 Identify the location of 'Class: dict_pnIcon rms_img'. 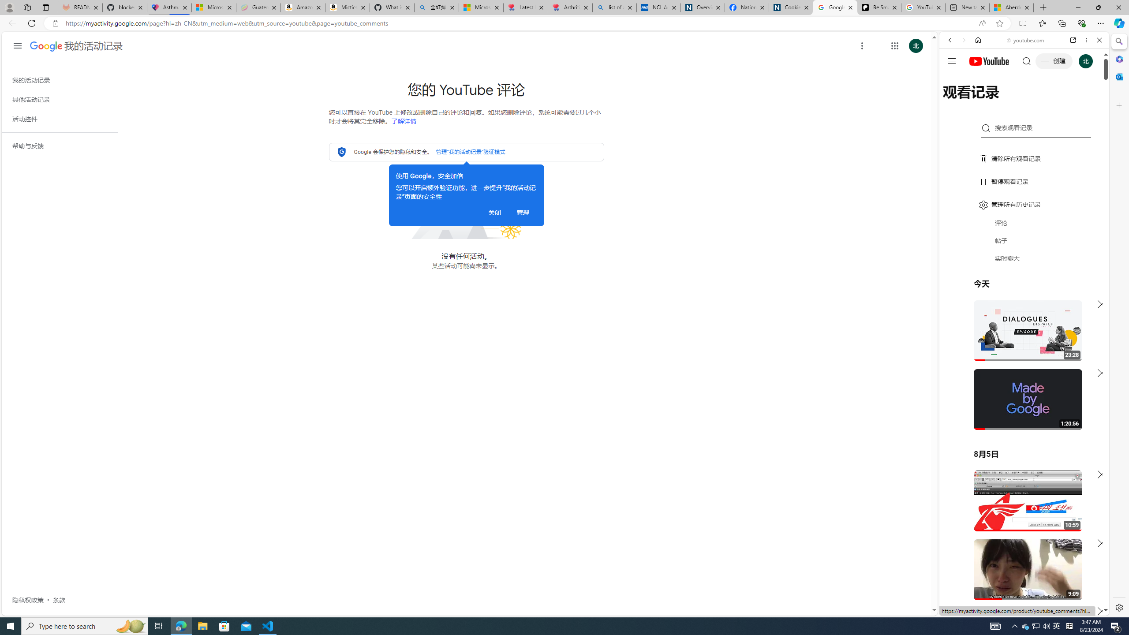
(1017, 608).